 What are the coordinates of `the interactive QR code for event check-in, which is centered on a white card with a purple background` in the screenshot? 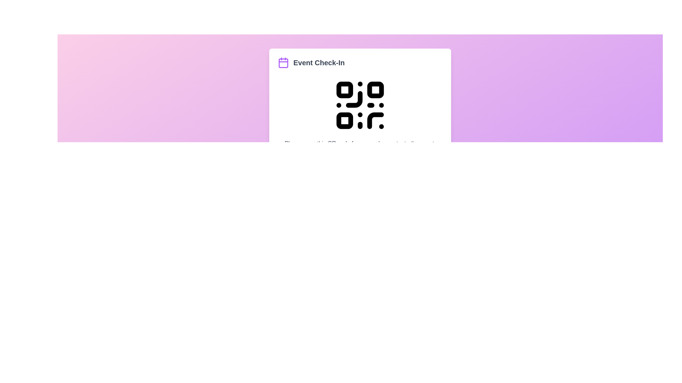 It's located at (360, 105).